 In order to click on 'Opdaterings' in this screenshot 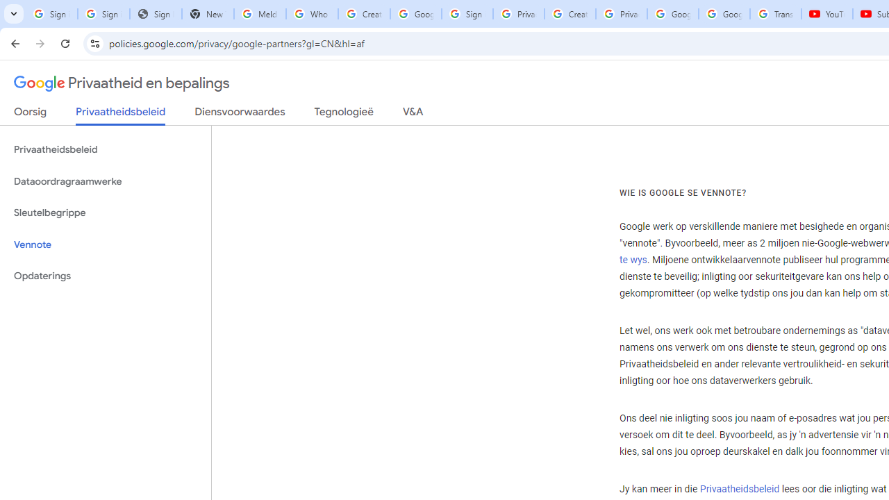, I will do `click(105, 276)`.